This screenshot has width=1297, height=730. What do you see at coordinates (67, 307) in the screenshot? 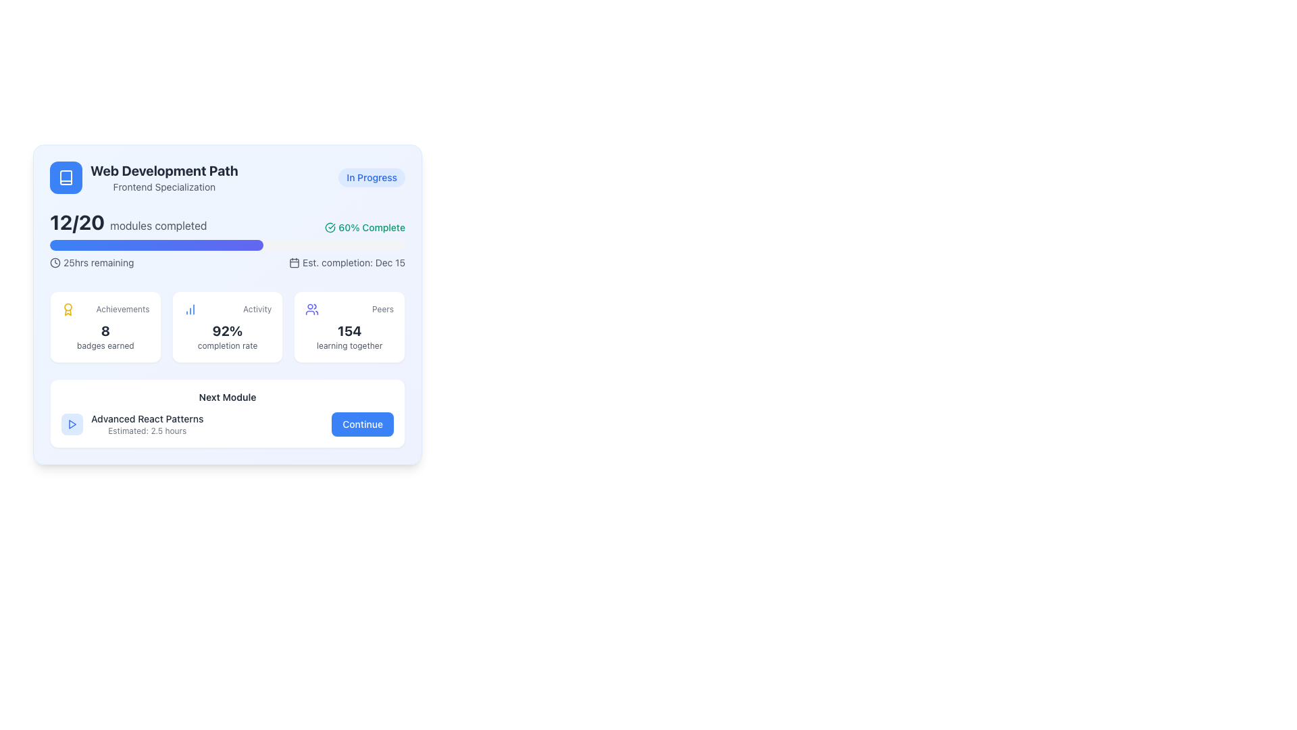
I see `the decorative vector graphic circle located in the top left section of the widget card, adjacent to the 'Achievements' text` at bounding box center [67, 307].